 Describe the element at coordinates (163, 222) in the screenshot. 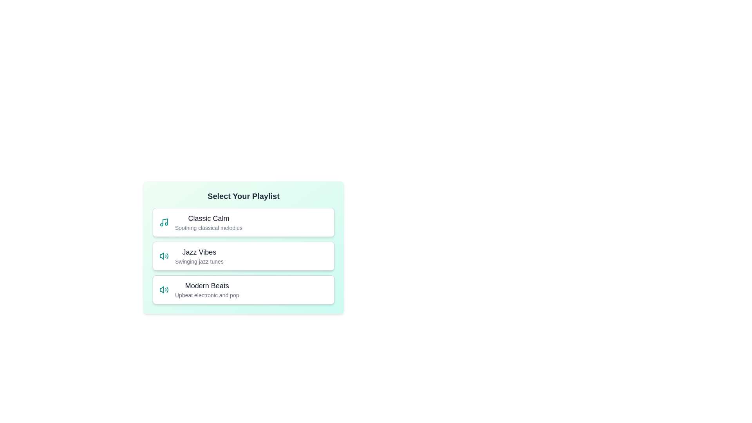

I see `the green music icon representing the playlist item labeled 'Classic Calm', located at the upper-left corner adjacent to its title` at that location.